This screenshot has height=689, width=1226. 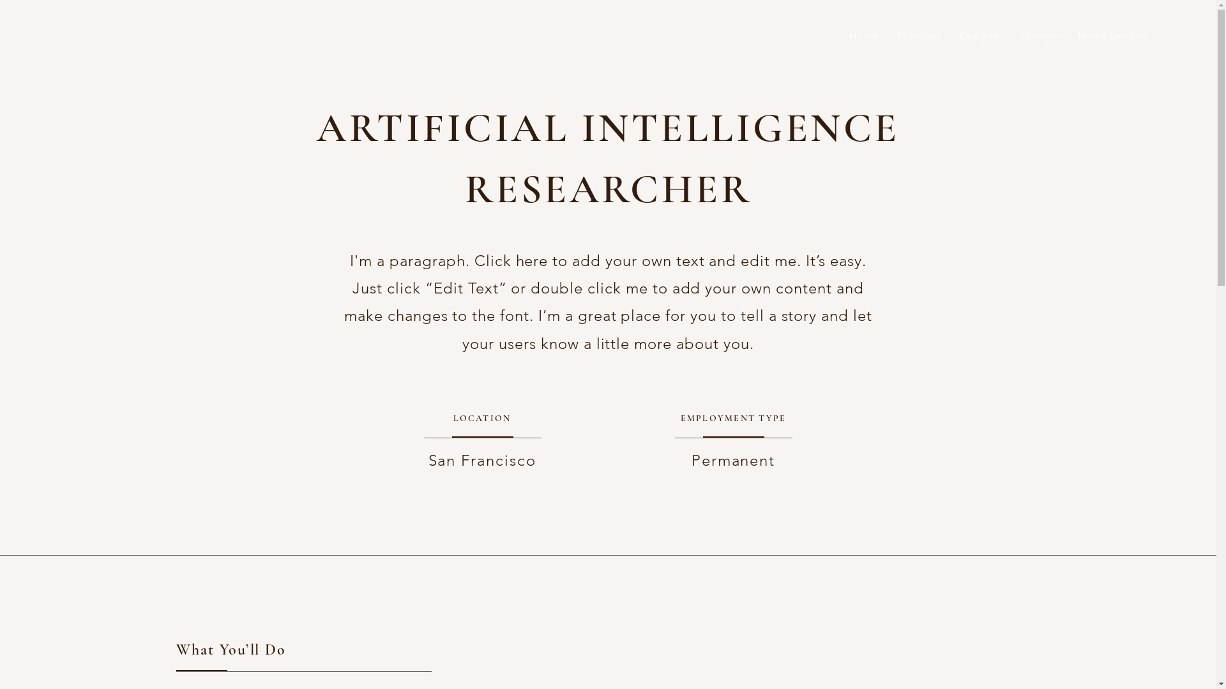 What do you see at coordinates (1110, 35) in the screenshot?
I see `'Tenant Services'` at bounding box center [1110, 35].